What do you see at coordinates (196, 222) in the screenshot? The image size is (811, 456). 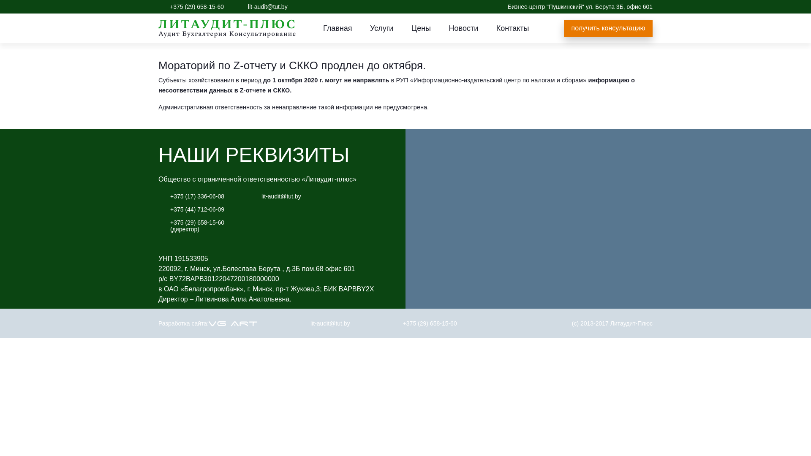 I see `'+375 (29) 658-15-60'` at bounding box center [196, 222].